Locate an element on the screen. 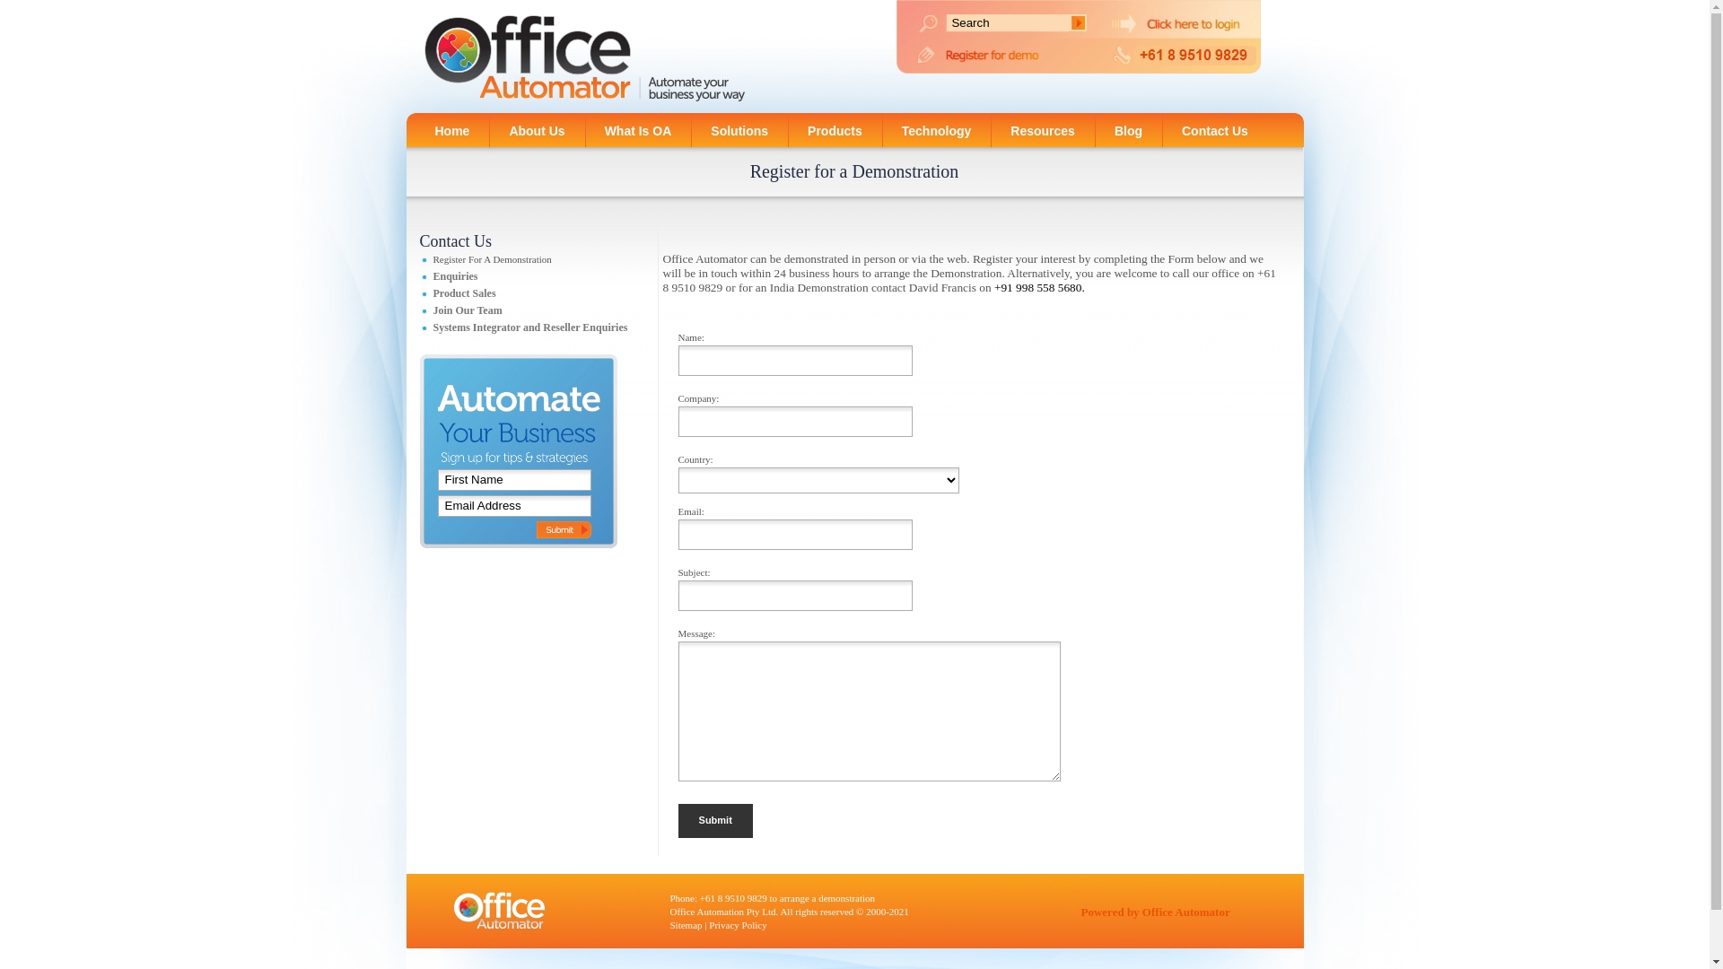 The width and height of the screenshot is (1723, 969). 'Resources' is located at coordinates (1042, 128).